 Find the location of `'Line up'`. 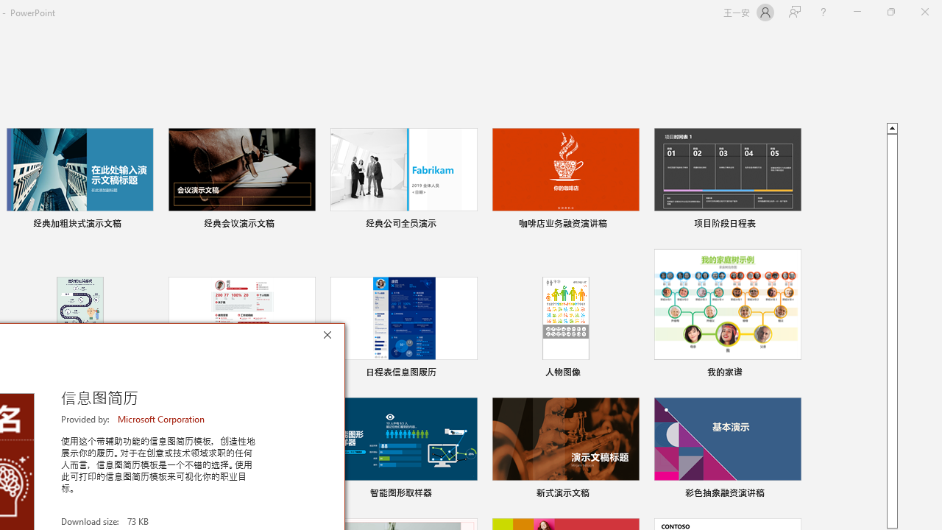

'Line up' is located at coordinates (891, 127).